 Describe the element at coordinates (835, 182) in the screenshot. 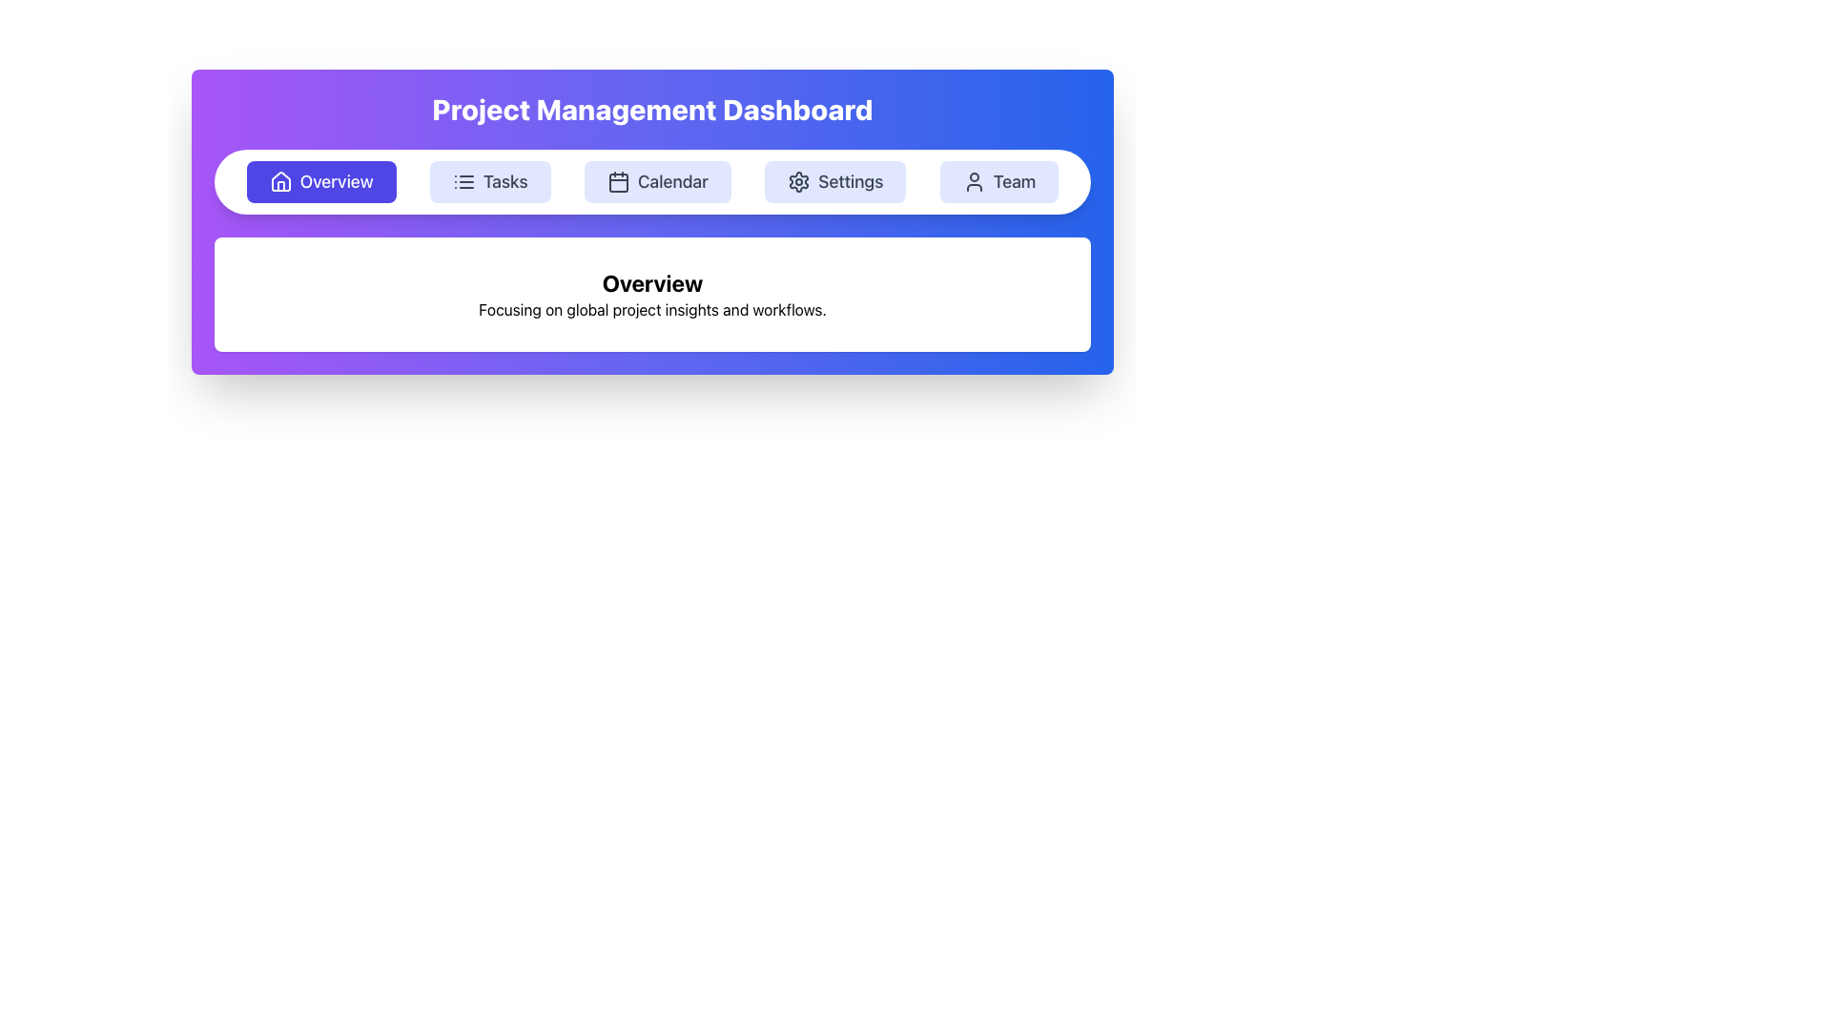

I see `the settings button located in the center-right of the navigation menu` at that location.